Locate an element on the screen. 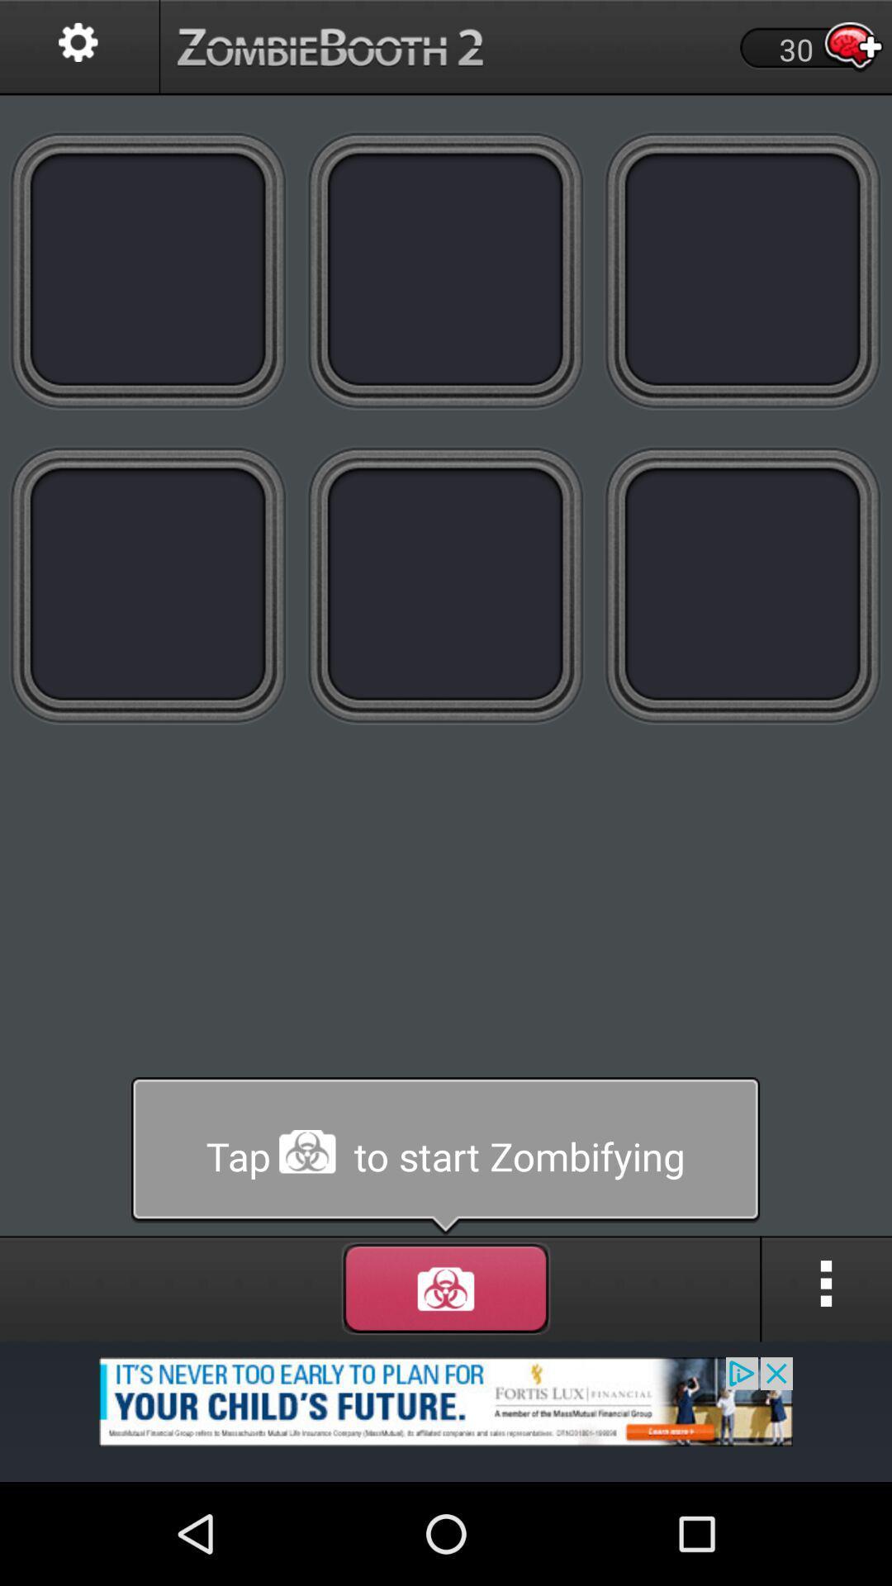  menu icon is located at coordinates (827, 1288).